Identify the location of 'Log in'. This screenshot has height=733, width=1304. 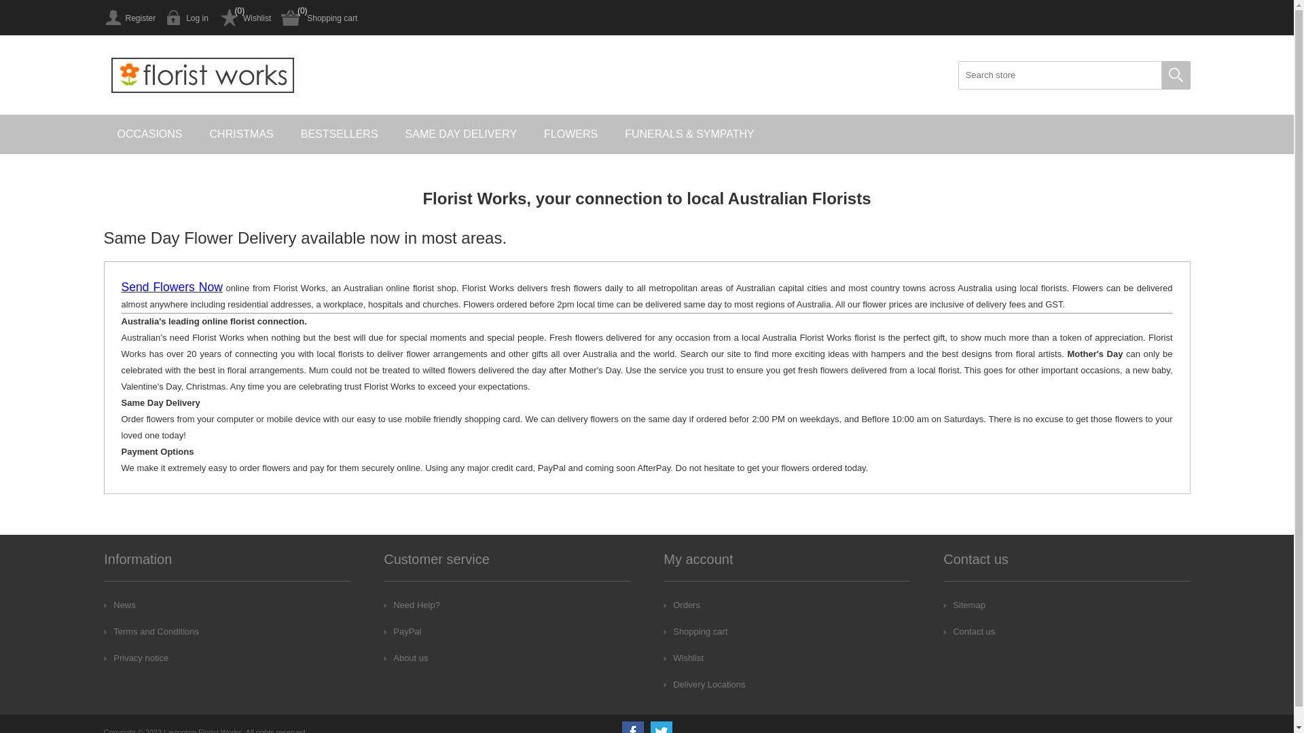
(186, 18).